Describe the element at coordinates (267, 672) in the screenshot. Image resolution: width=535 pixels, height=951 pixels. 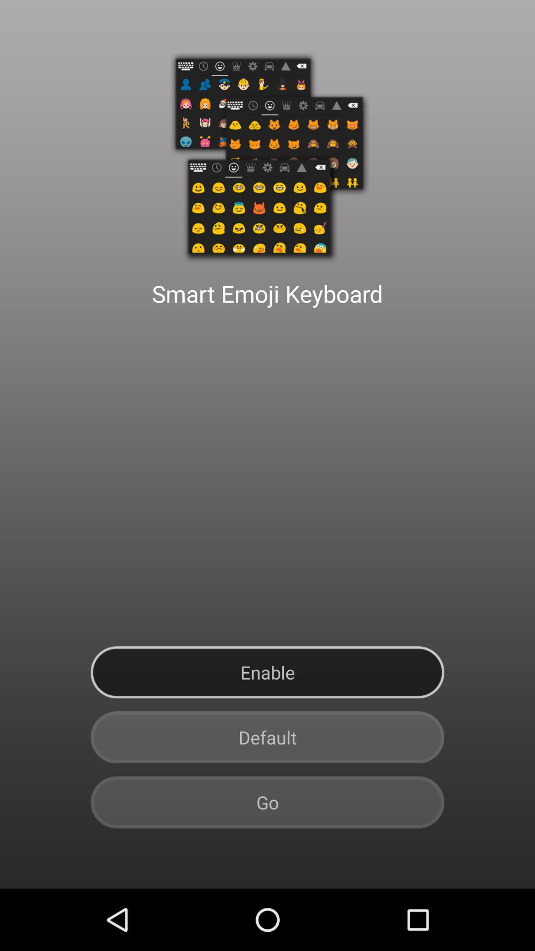
I see `button above default item` at that location.